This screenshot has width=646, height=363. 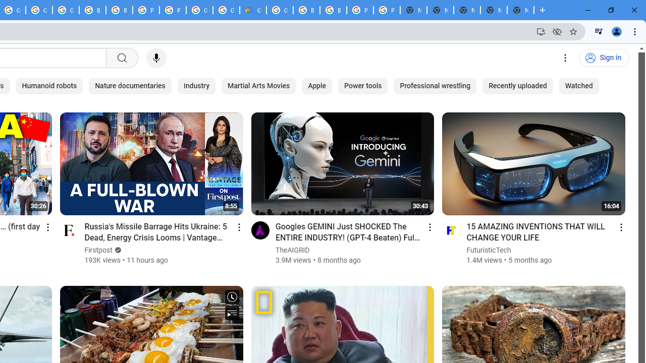 I want to click on 'Firstpost', so click(x=98, y=250).